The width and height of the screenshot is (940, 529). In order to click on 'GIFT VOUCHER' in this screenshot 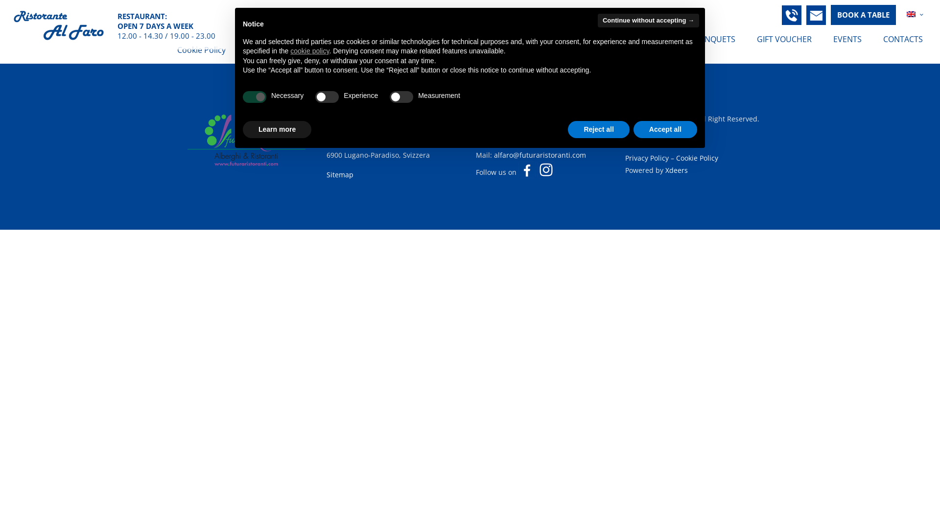, I will do `click(784, 39)`.